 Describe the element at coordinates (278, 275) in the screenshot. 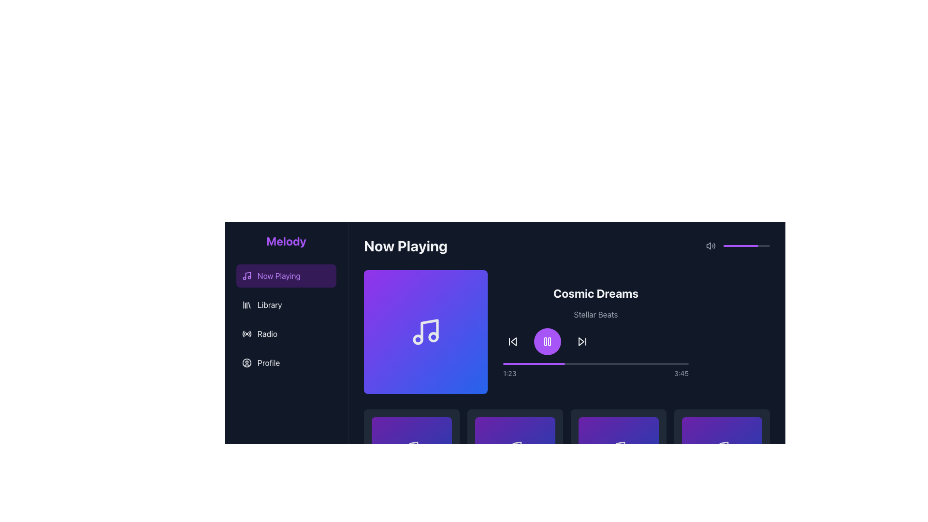

I see `the 'Now Playing' text label in the navigation menu` at that location.